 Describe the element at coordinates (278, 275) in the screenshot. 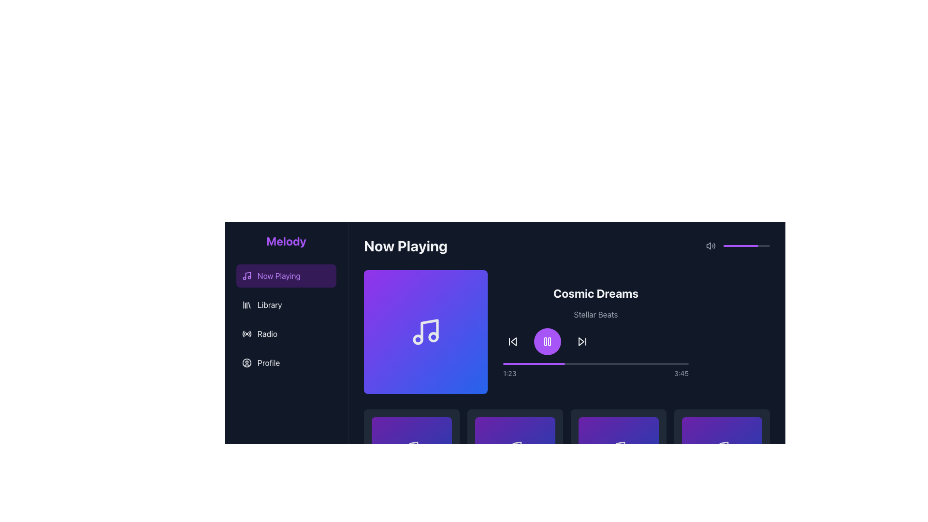

I see `the 'Now Playing' text label in the navigation menu` at that location.